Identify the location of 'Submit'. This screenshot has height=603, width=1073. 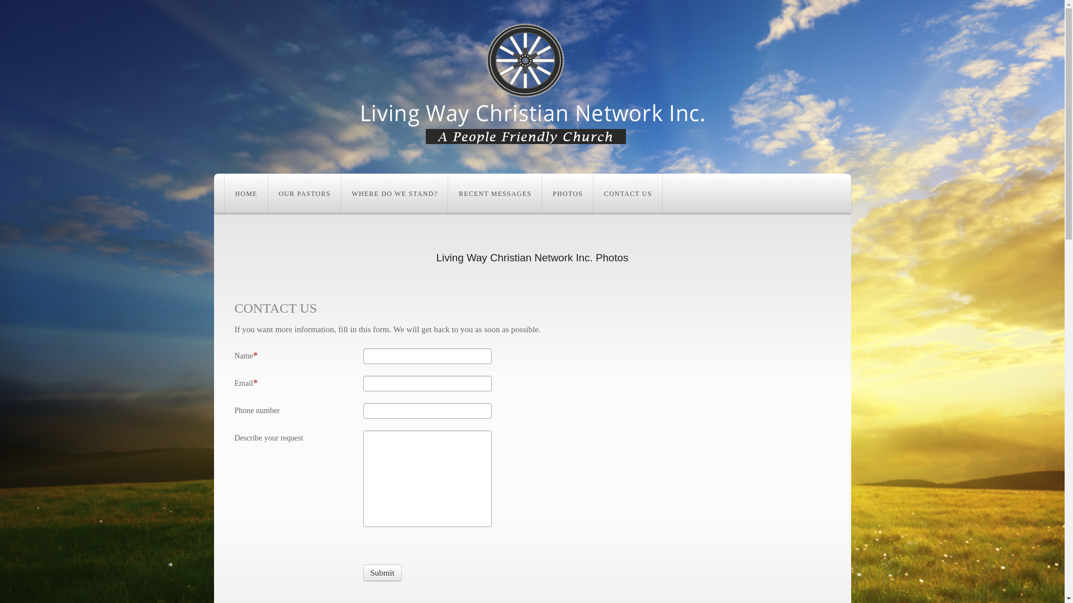
(382, 573).